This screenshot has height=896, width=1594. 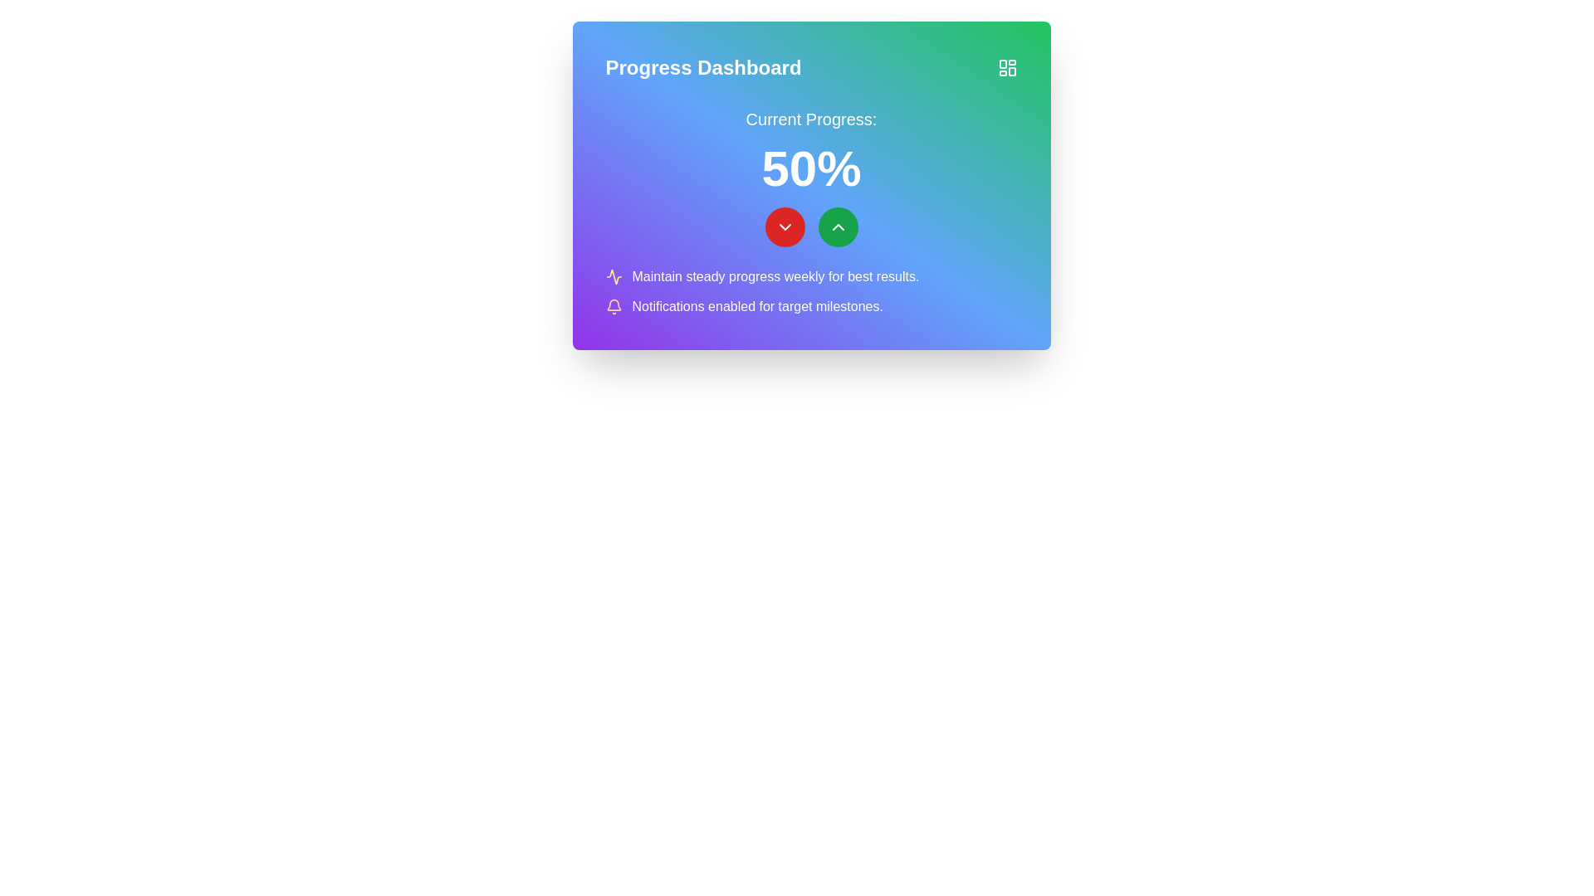 I want to click on the notification icon located in the notification section of the dashboard card, positioned to the left side of a textual notification message, so click(x=613, y=307).